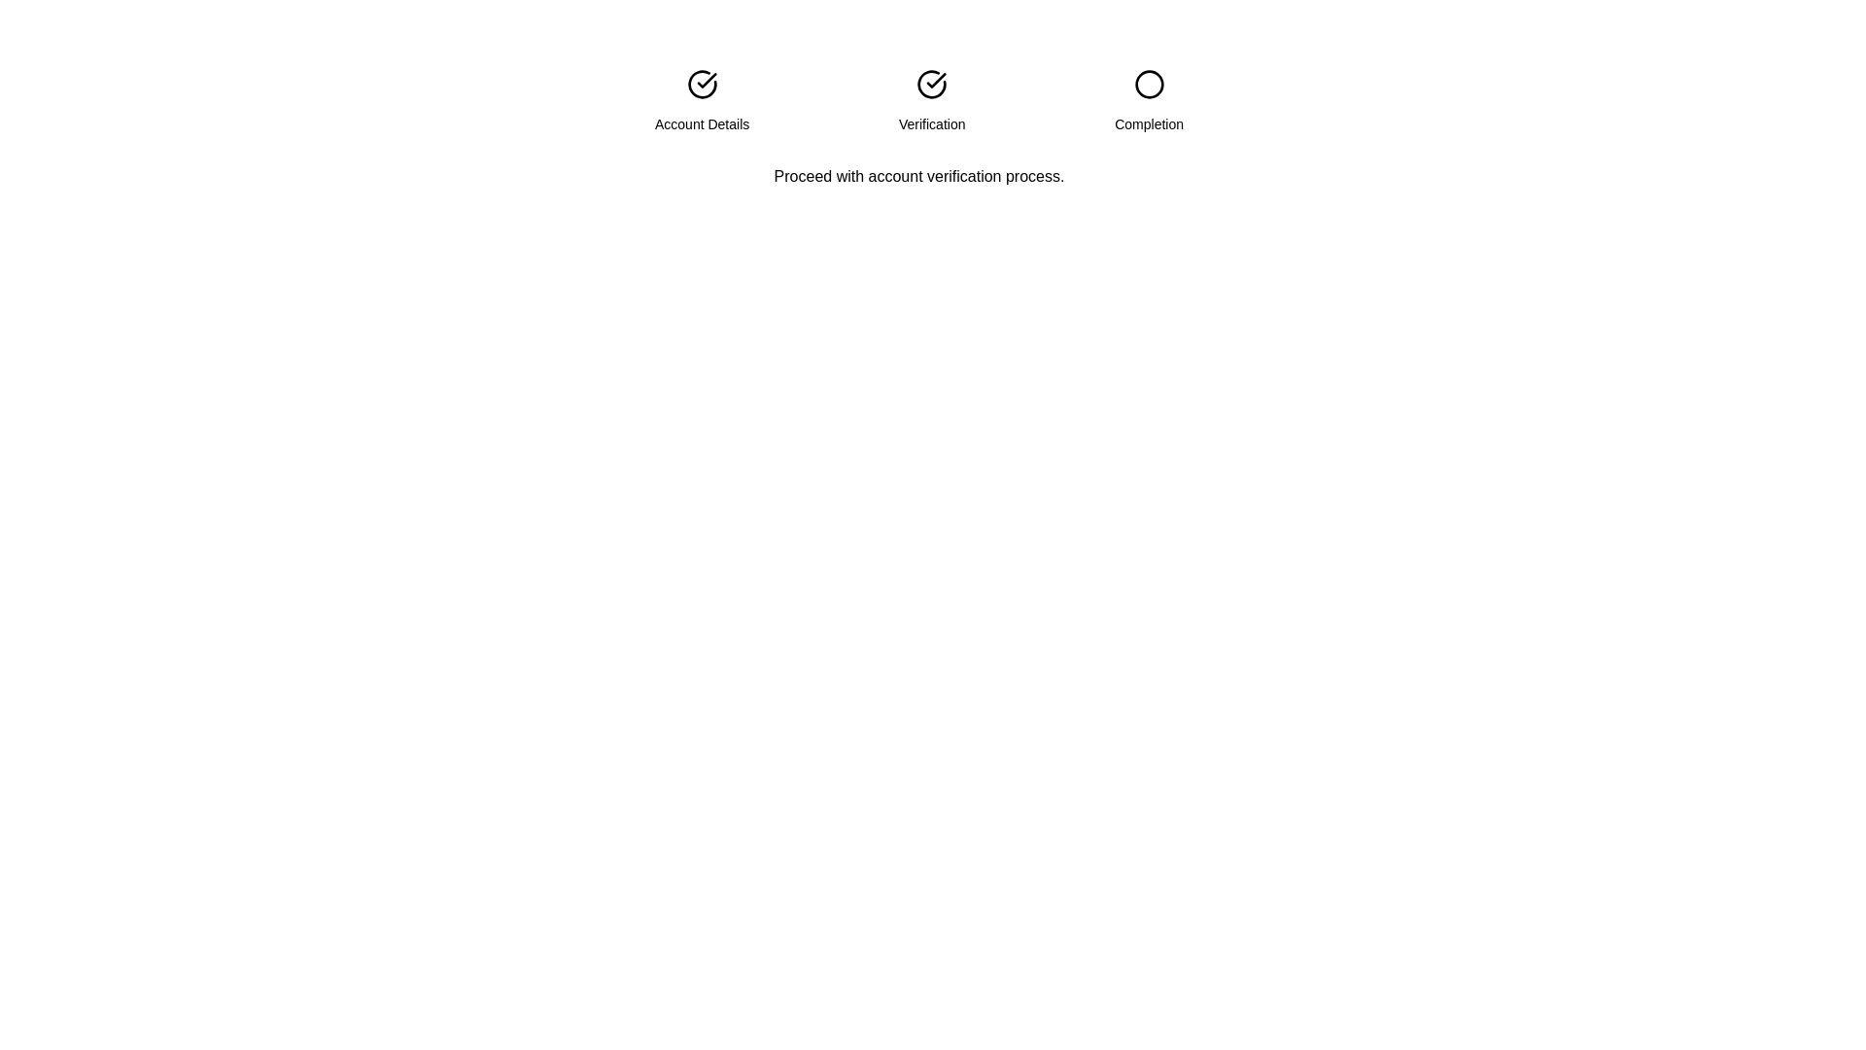 Image resolution: width=1866 pixels, height=1050 pixels. I want to click on the progress indicator icon for the 'Account Details' phase, which is the first element in a horizontally laid-out group of icons, so click(701, 84).